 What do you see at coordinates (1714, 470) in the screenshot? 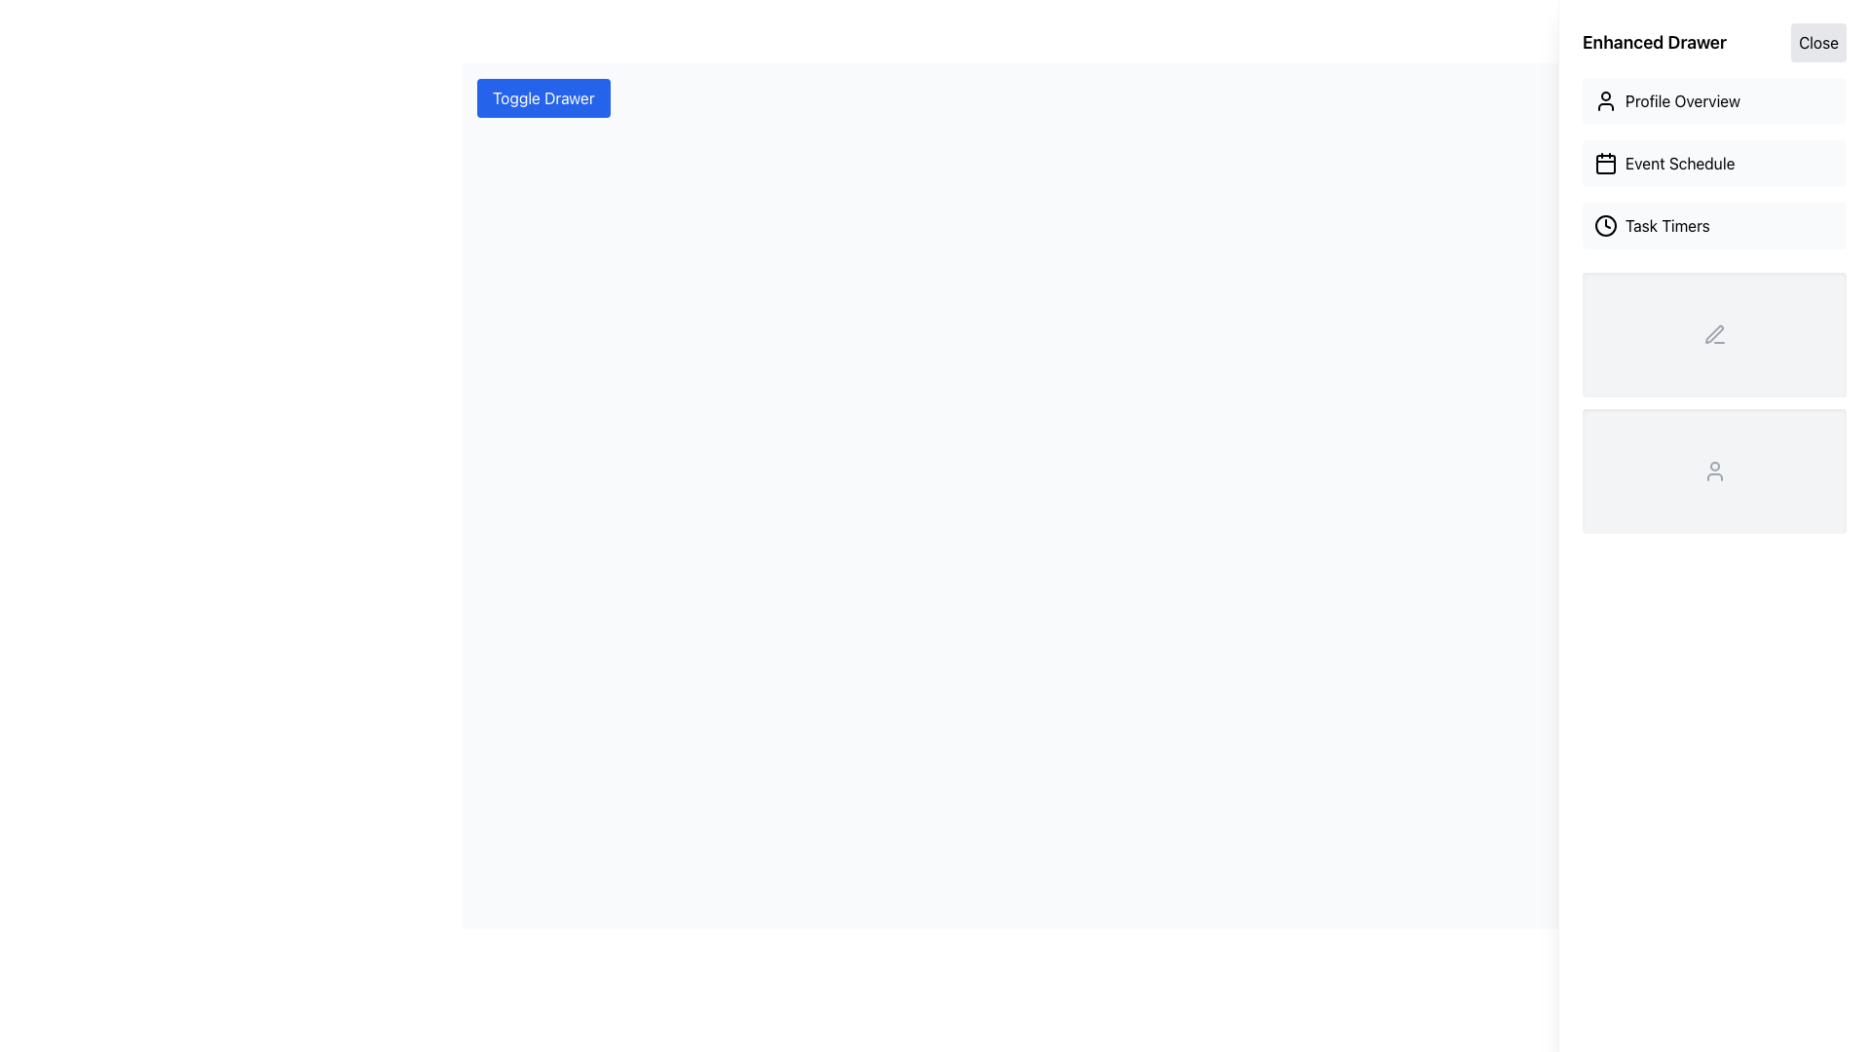
I see `the small user profile icon, which is a gray outline of a person located at the bottom right side panel` at bounding box center [1714, 470].